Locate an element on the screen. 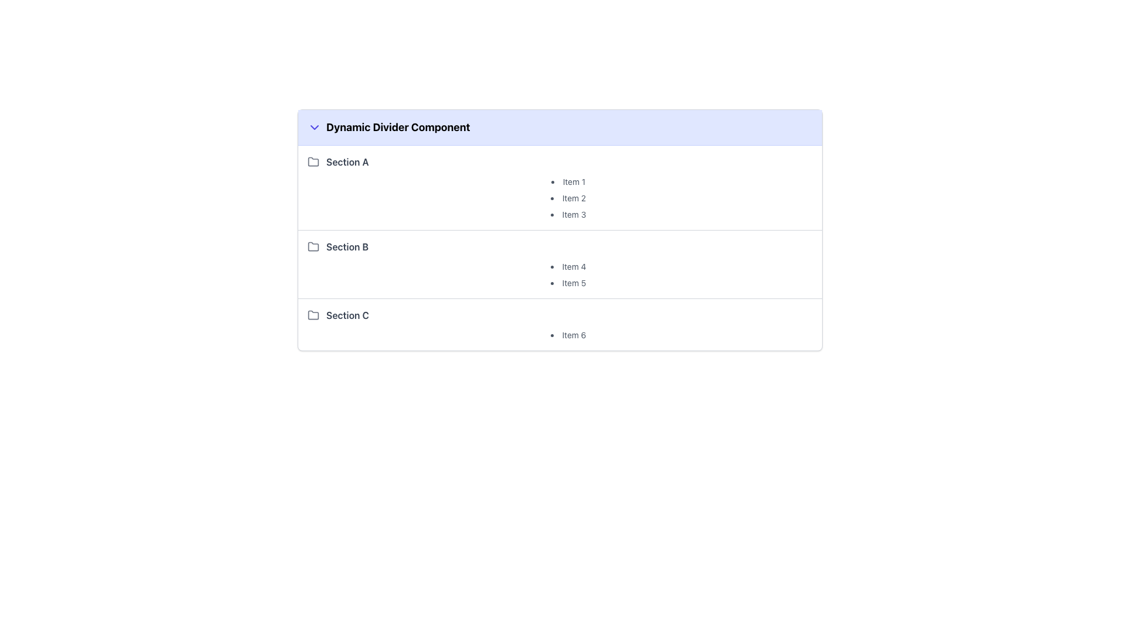  the text element labeled 'Item 1', which is the first item in a bulleted list within 'Section A' is located at coordinates (568, 182).